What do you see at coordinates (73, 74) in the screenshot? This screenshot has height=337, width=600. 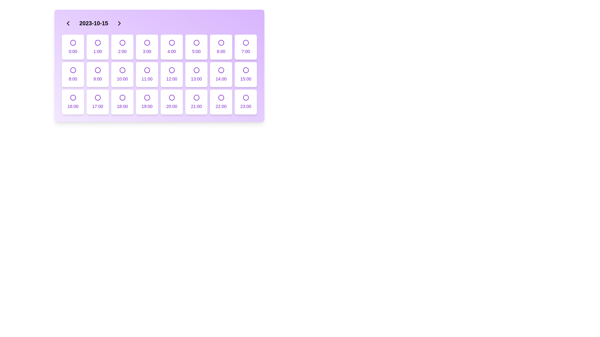 I see `the button displaying '8:00' with a white background and purple text` at bounding box center [73, 74].